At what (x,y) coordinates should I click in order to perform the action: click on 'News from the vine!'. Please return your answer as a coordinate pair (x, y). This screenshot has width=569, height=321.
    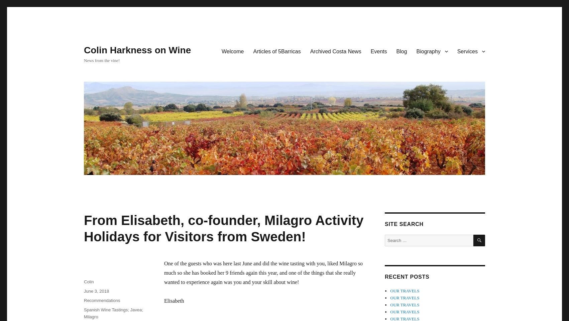
    Looking at the image, I should click on (84, 60).